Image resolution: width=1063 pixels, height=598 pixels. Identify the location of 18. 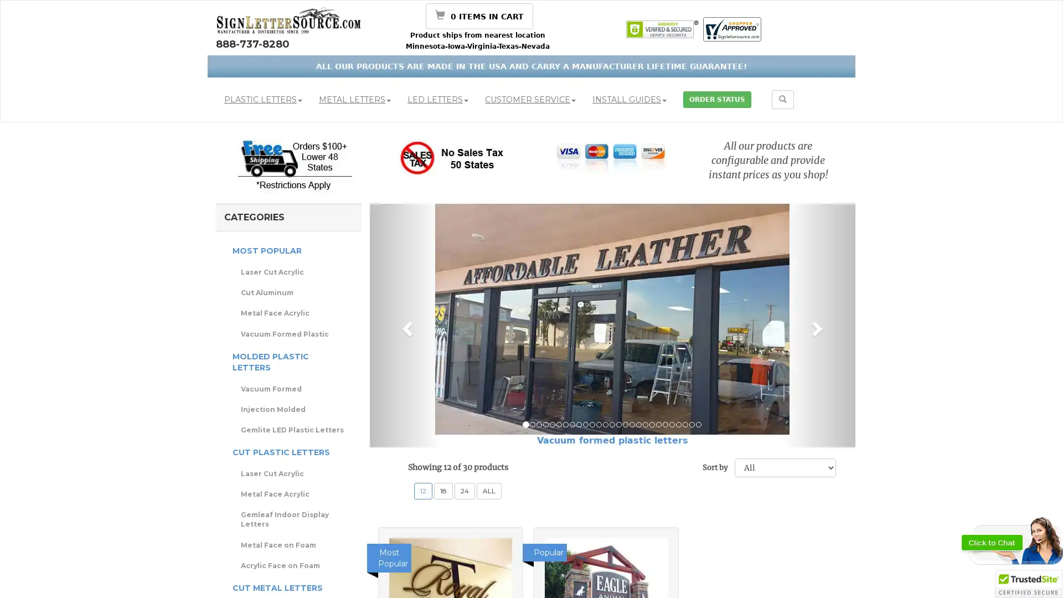
(443, 491).